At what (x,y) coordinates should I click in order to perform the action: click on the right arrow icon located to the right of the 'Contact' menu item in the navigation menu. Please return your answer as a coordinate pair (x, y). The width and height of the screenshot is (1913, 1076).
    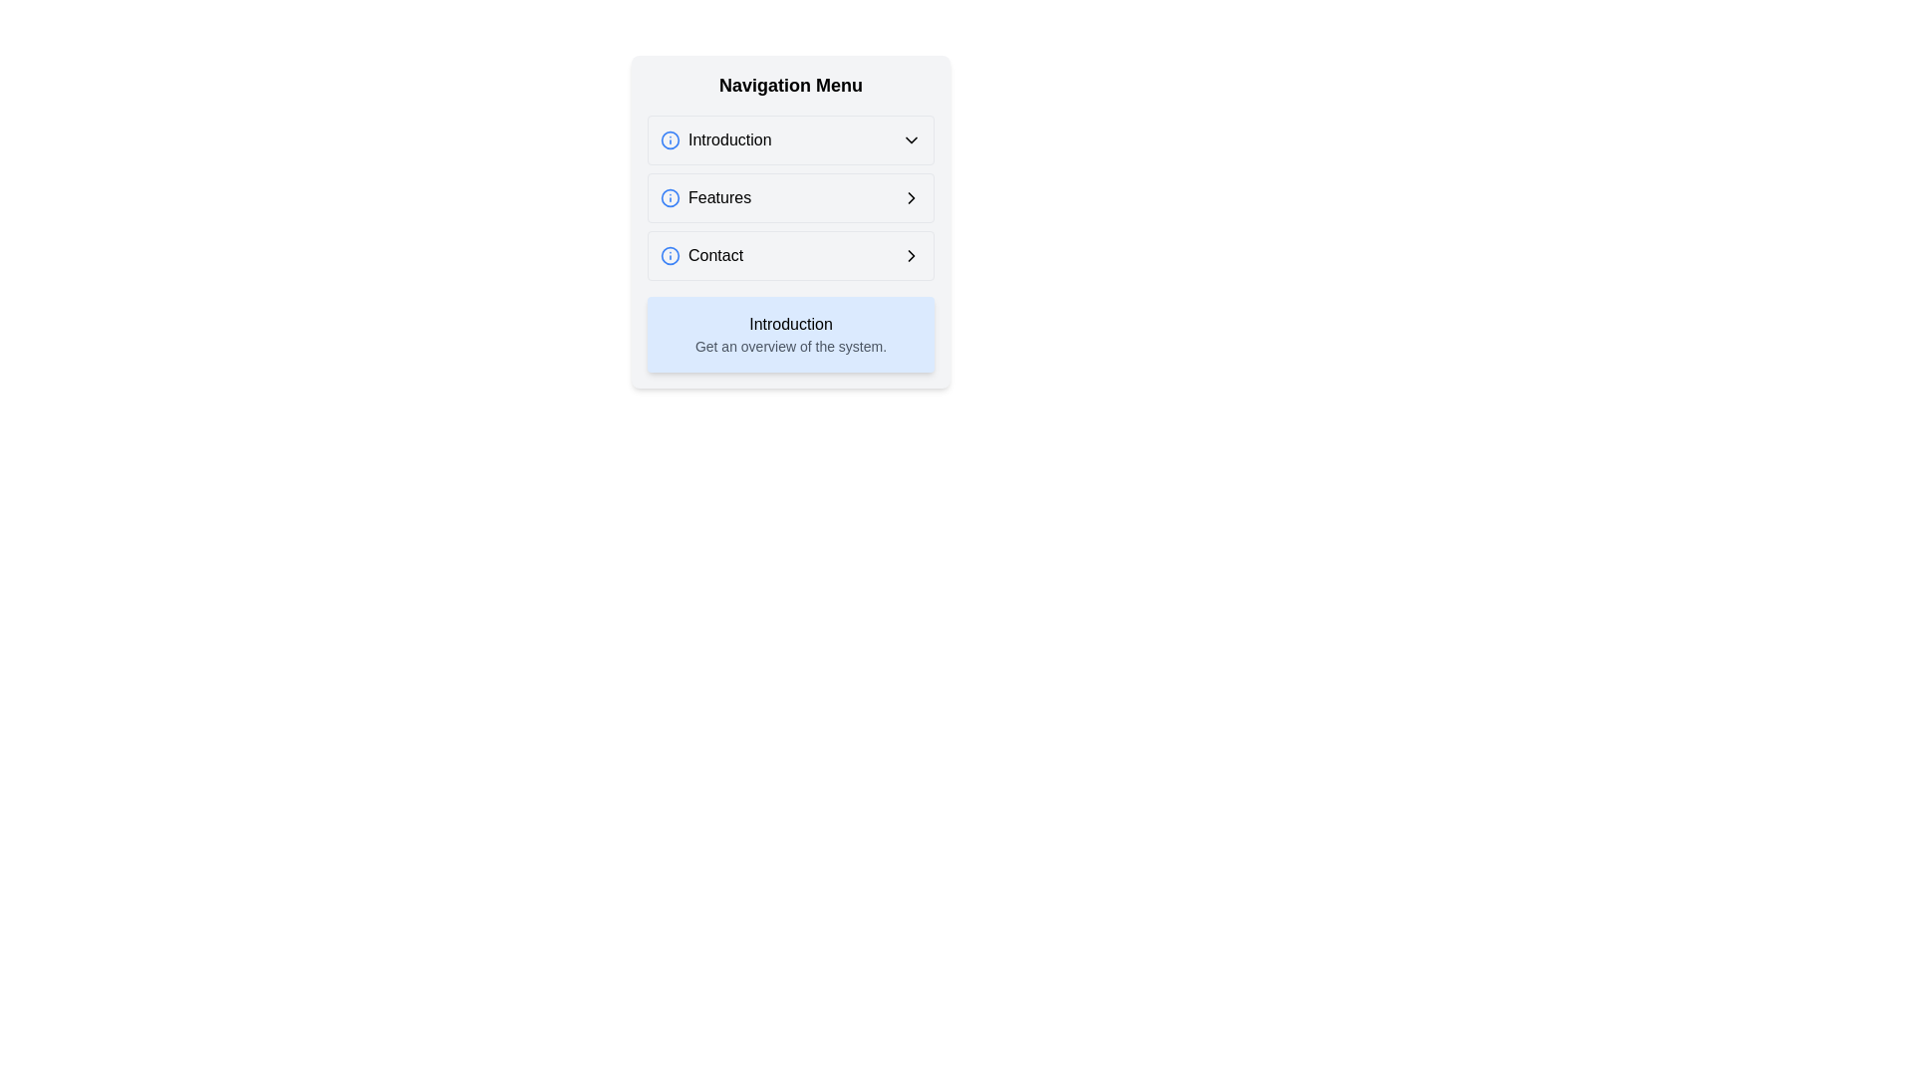
    Looking at the image, I should click on (911, 255).